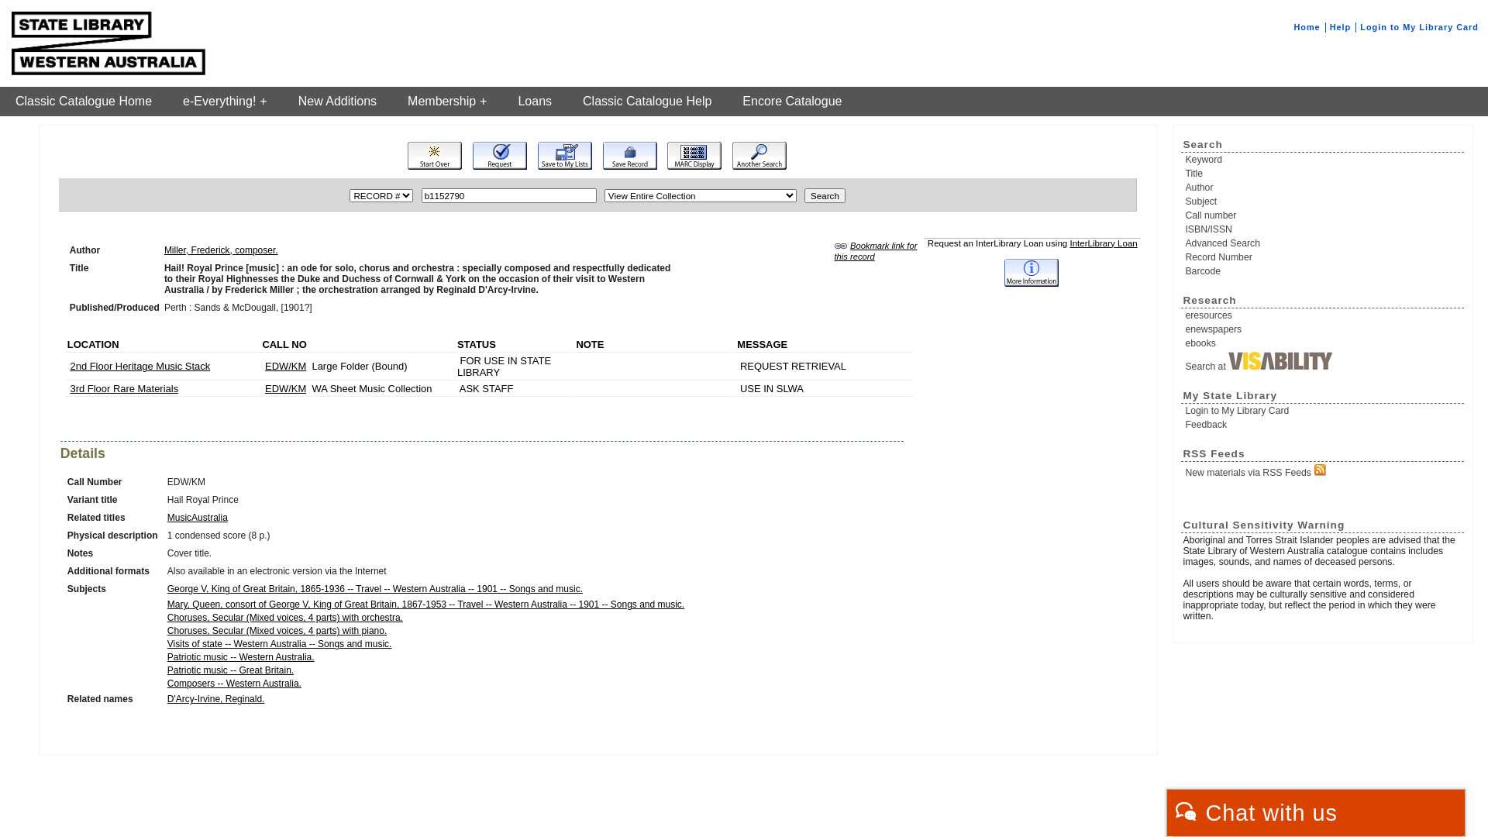 This screenshot has width=1488, height=837. What do you see at coordinates (1102, 243) in the screenshot?
I see `'InterLibrary Loan'` at bounding box center [1102, 243].